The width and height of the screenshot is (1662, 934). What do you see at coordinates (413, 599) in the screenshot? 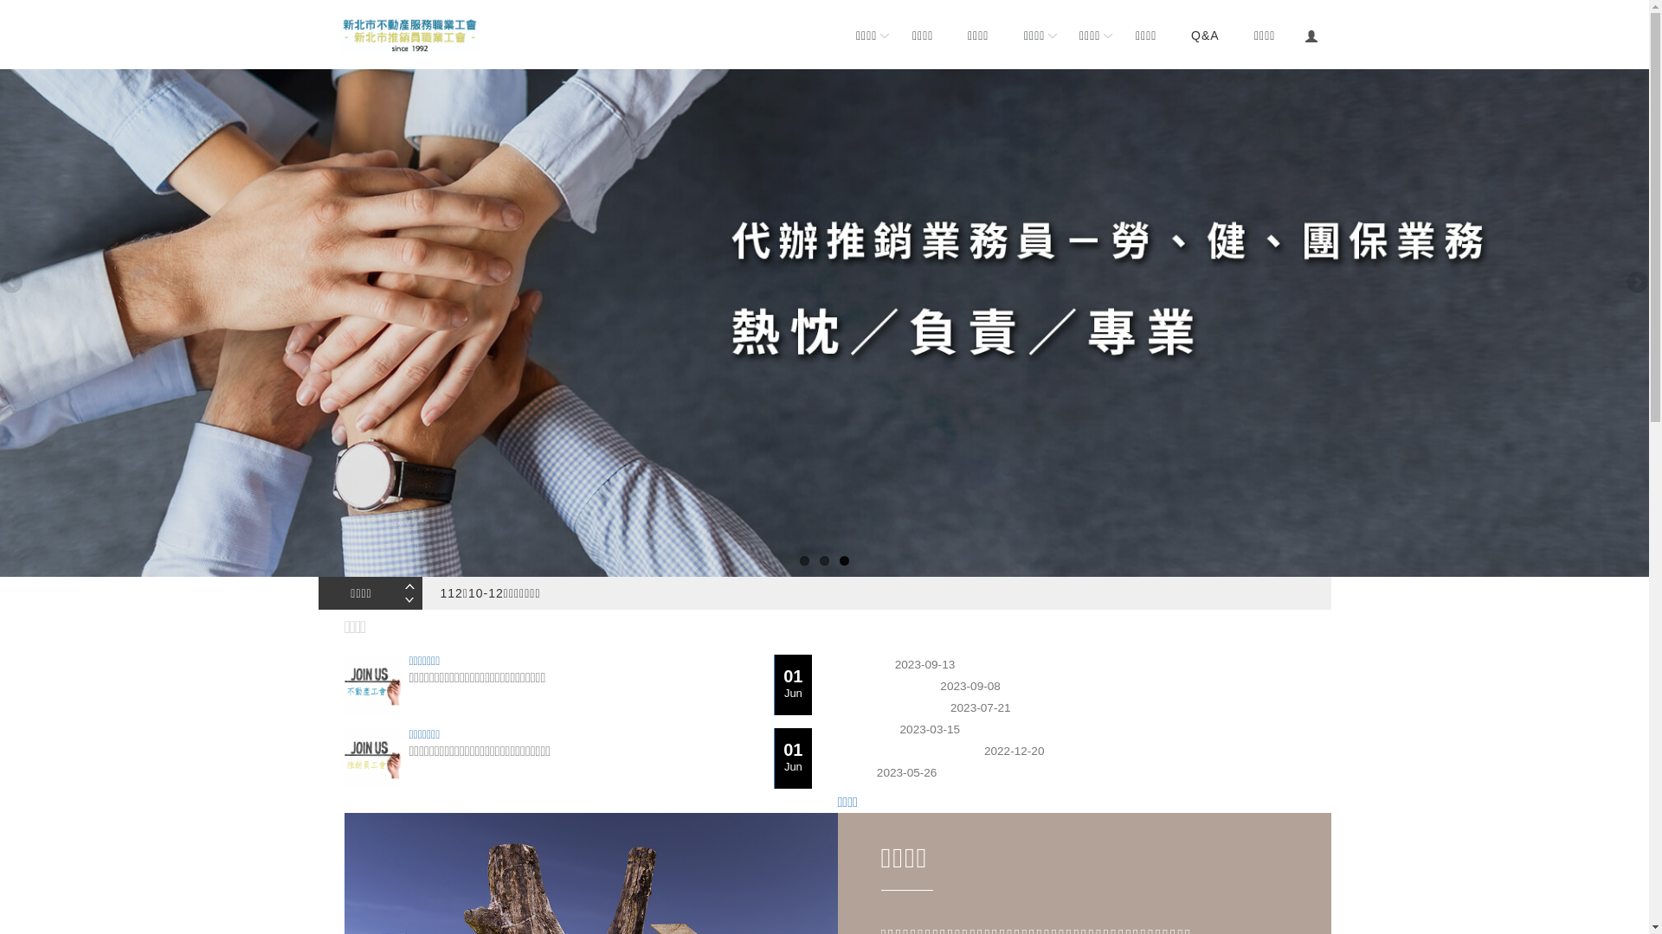
I see `'Next'` at bounding box center [413, 599].